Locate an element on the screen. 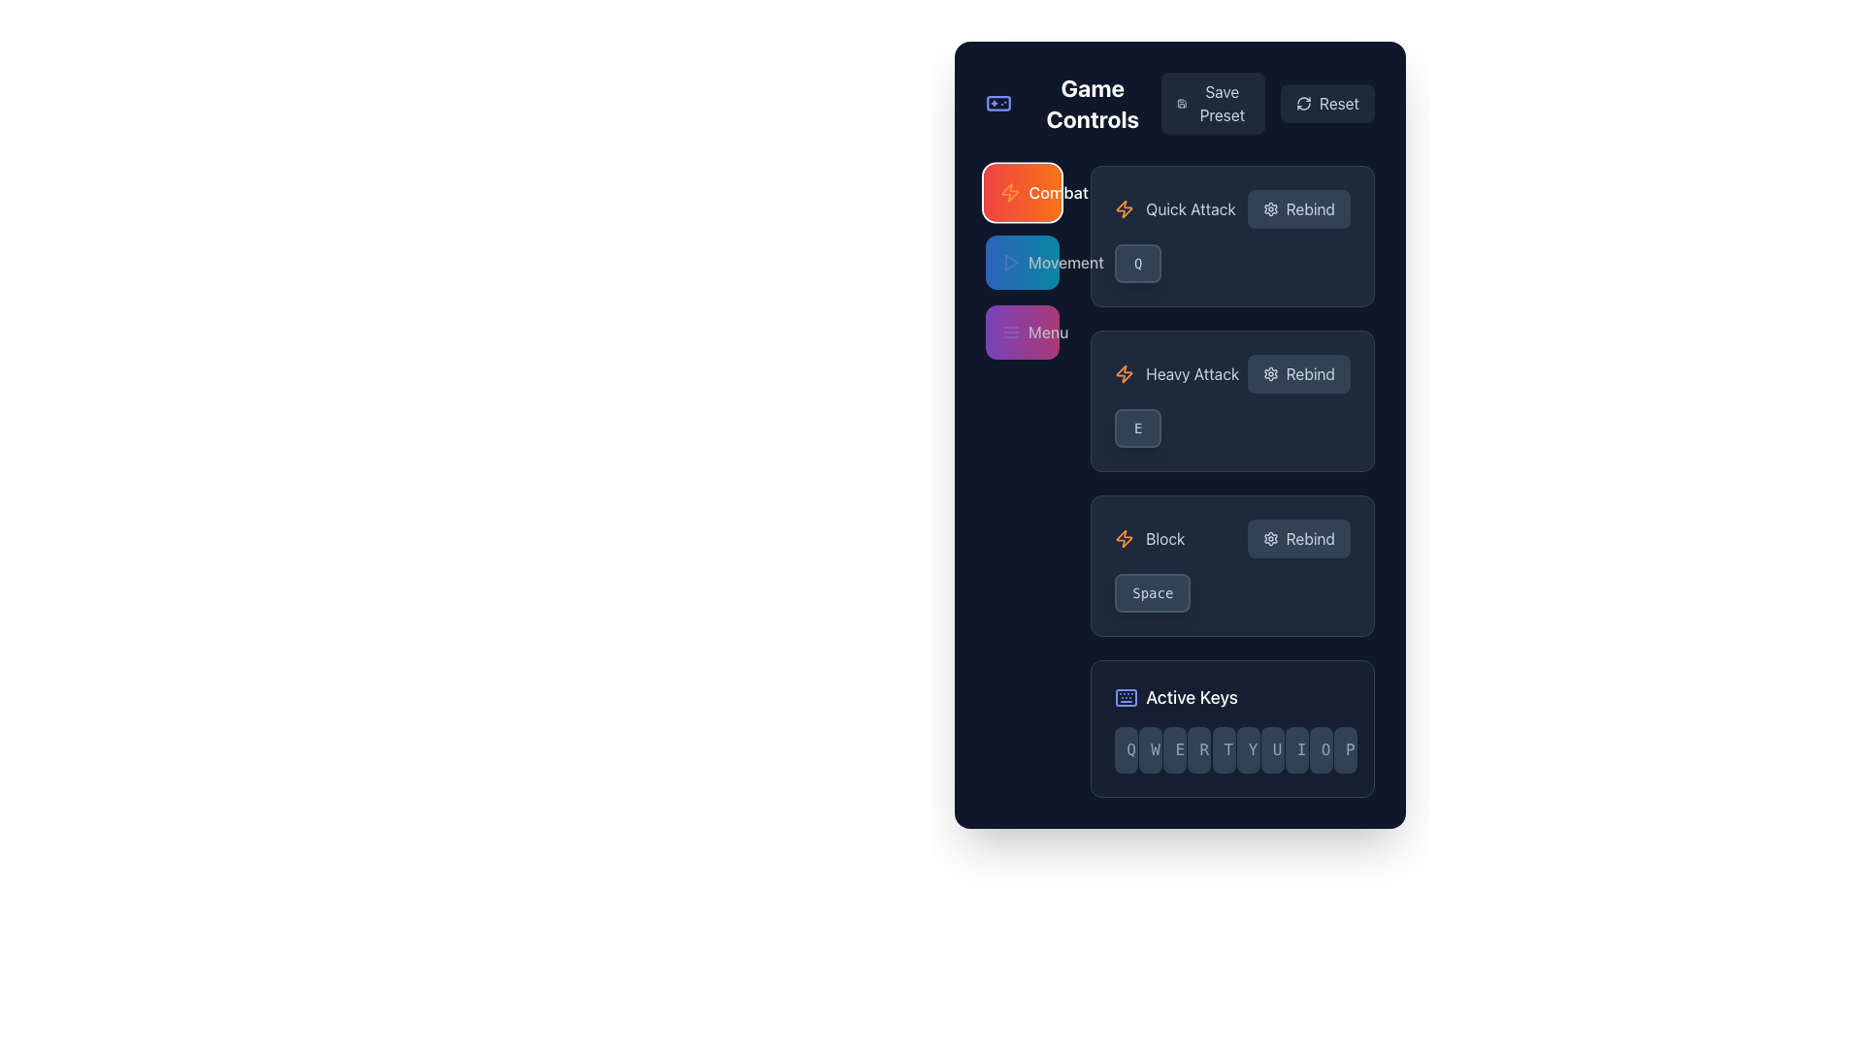 This screenshot has height=1047, width=1863. the 'Movement' button, which is a rectangular button with rounded corners, featuring a gradient background from blue to cyan, centered text 'Movement' in white, and a play icon on the left is located at coordinates (1022, 262).